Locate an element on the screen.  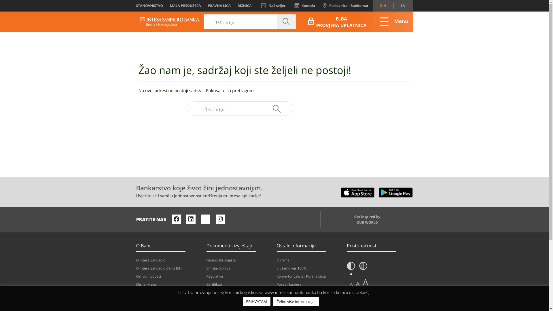
'High Contrast' is located at coordinates (363, 268).